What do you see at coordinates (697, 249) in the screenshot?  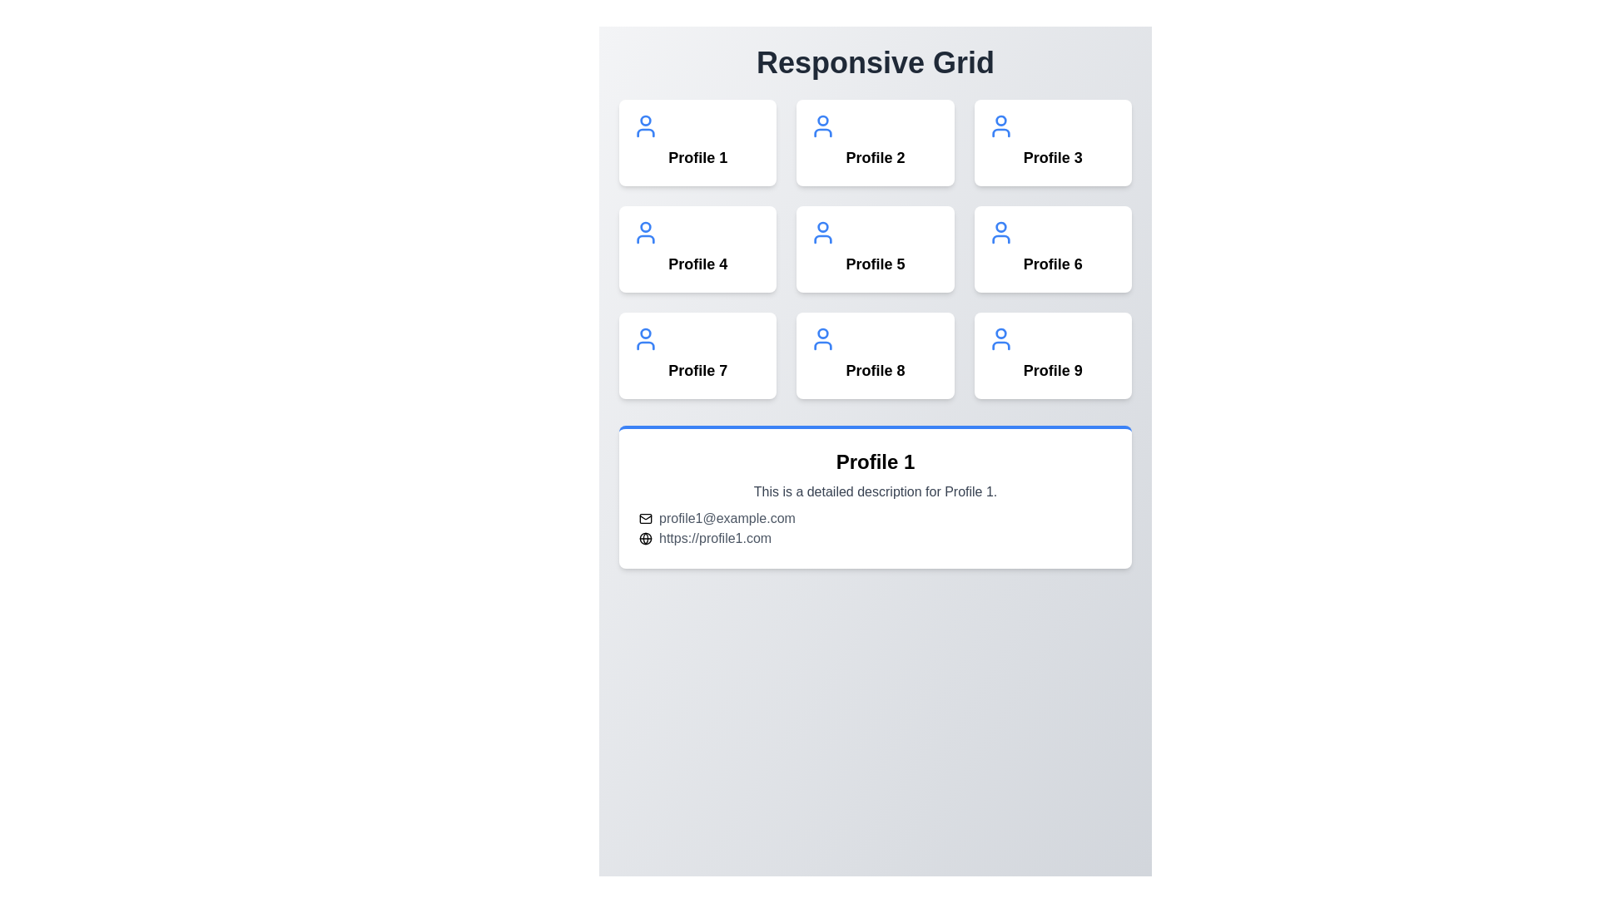 I see `the rectangular card with a white background and rounded corners that contains the user icon in blue and the bold text 'Profile 4' to observe visual or functional changes` at bounding box center [697, 249].